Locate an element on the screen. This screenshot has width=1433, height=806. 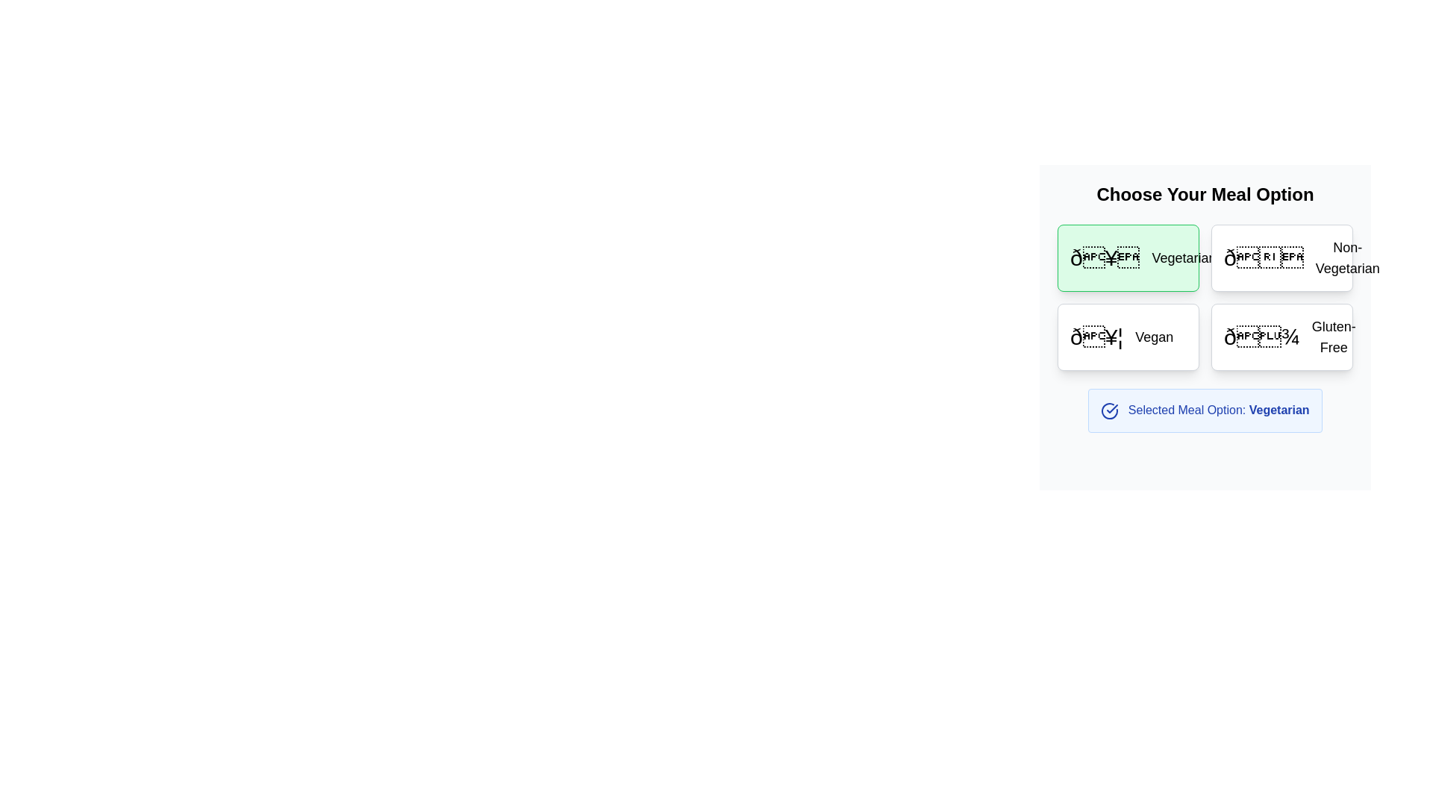
the 'Vegetarian' meal option icon, which is located to the left of the text 'Selected Meal Option: Vegetarian' in the lower section of the meal selection interface is located at coordinates (1110, 410).